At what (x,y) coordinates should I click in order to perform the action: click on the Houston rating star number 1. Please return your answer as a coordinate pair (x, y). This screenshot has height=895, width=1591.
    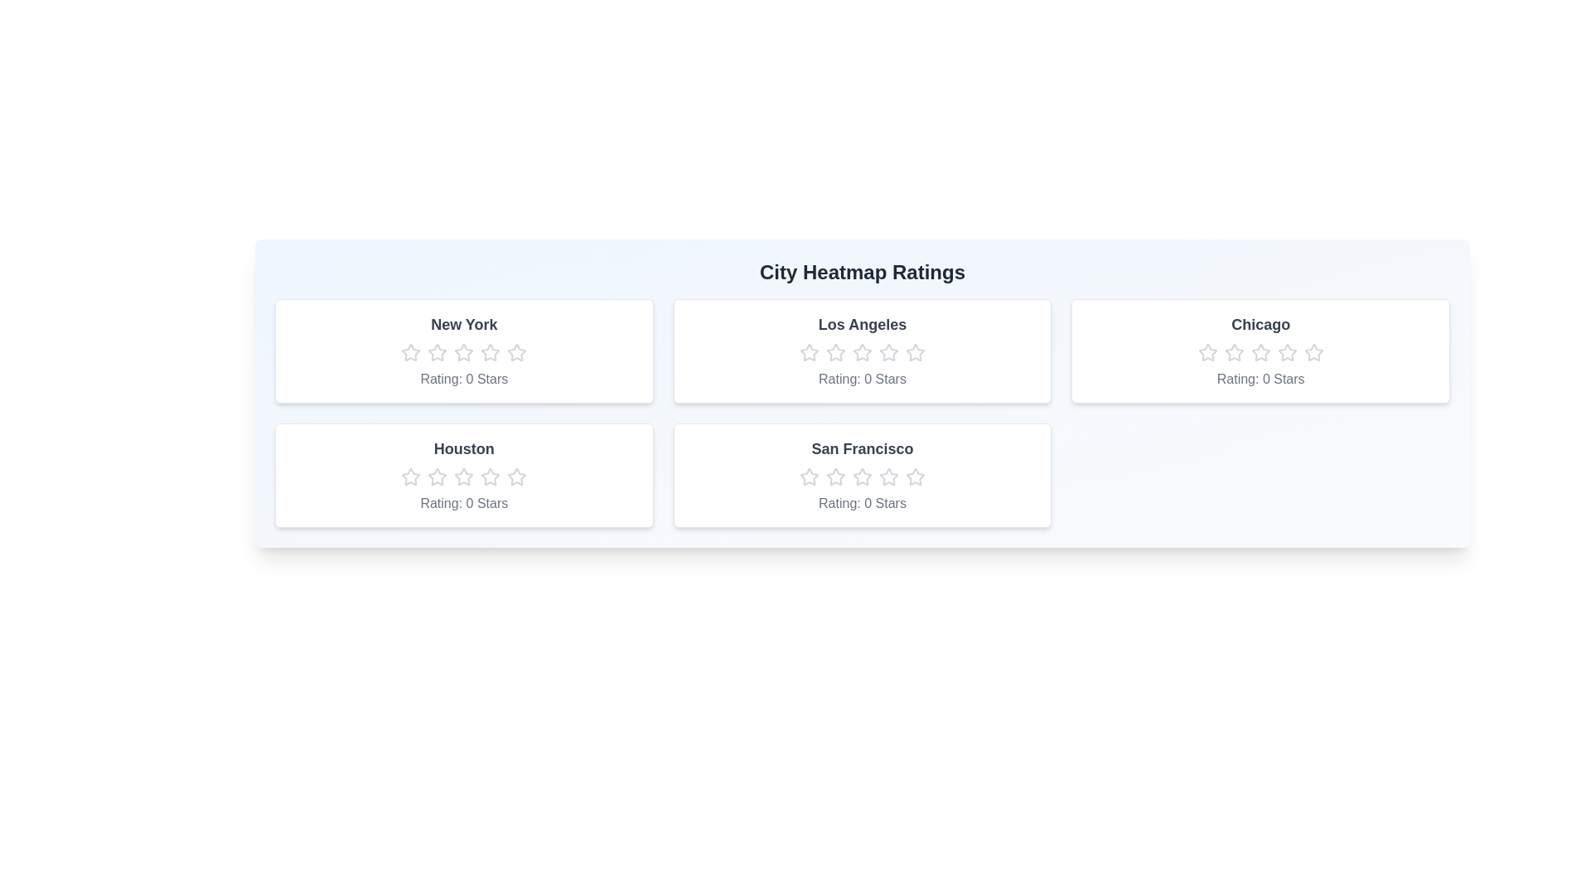
    Looking at the image, I should click on (411, 477).